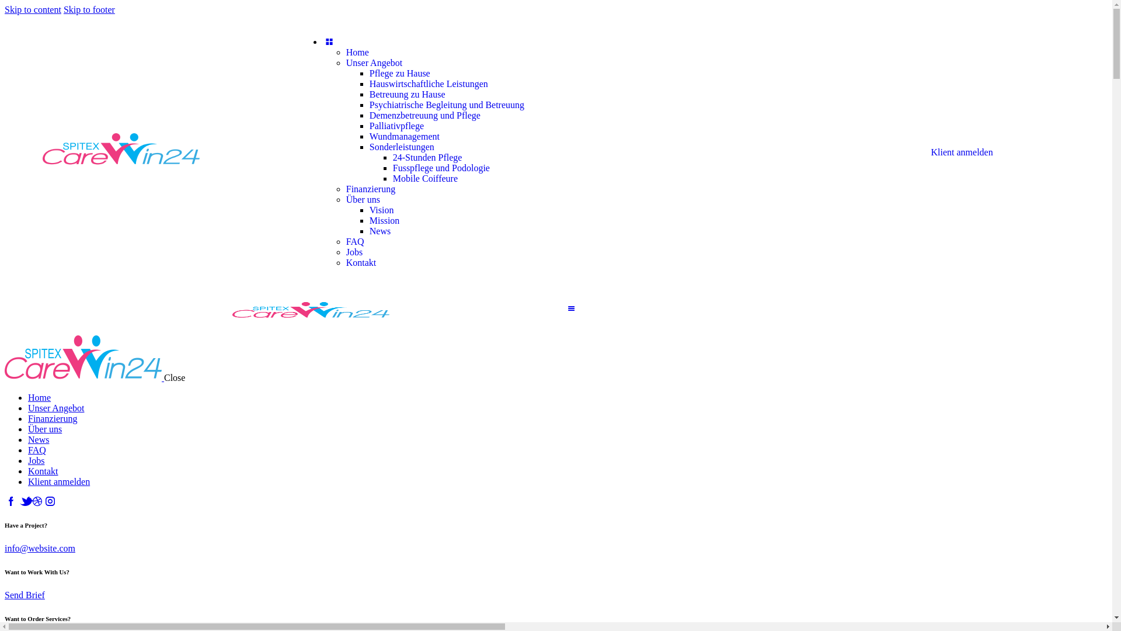 The height and width of the screenshot is (631, 1121). What do you see at coordinates (173, 377) in the screenshot?
I see `'Close'` at bounding box center [173, 377].